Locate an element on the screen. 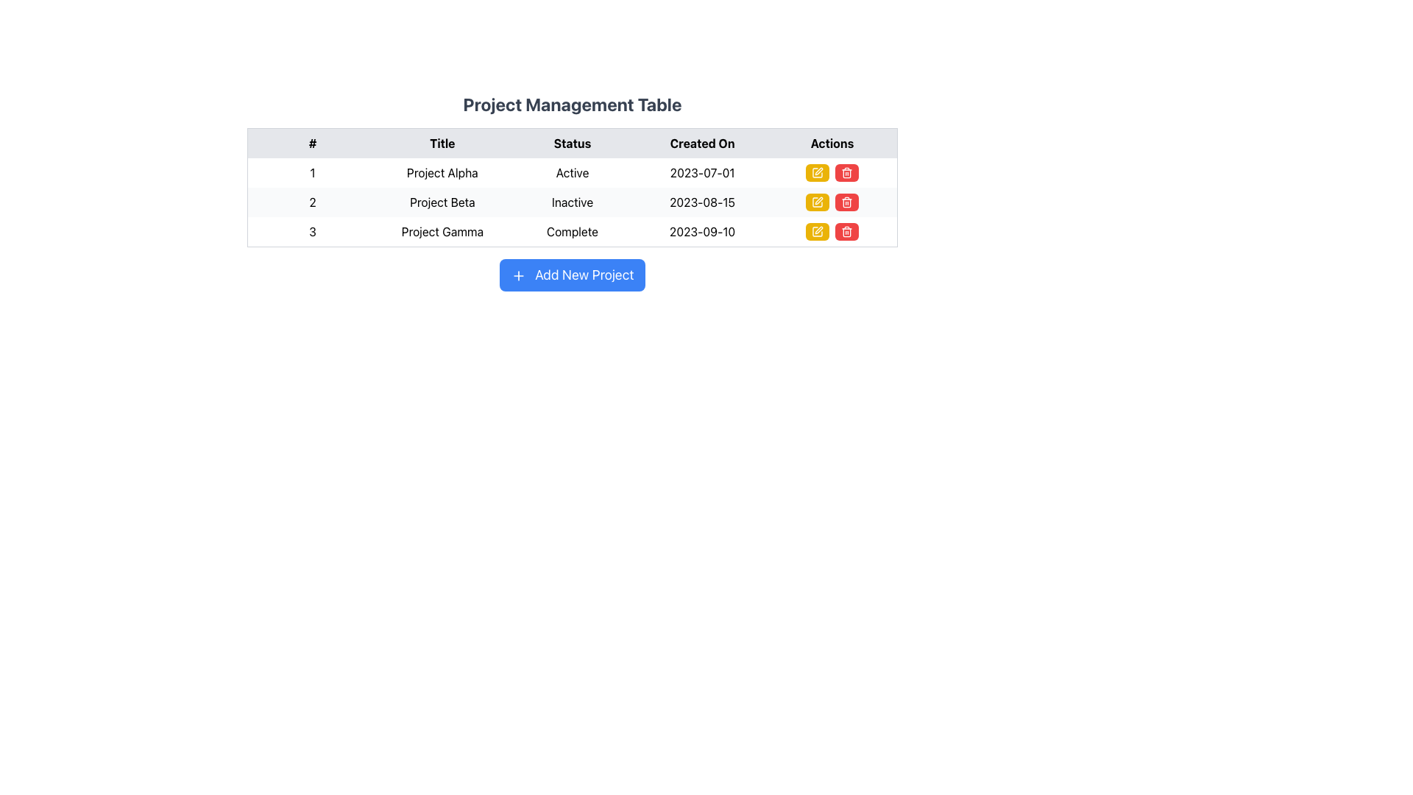  the text label displaying the project title located in the second cell of the first row under the 'Title' column of the table is located at coordinates (442, 172).